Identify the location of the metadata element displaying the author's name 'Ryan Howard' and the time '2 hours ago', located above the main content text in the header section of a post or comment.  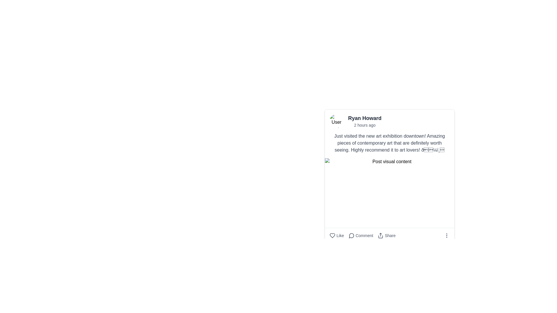
(364, 121).